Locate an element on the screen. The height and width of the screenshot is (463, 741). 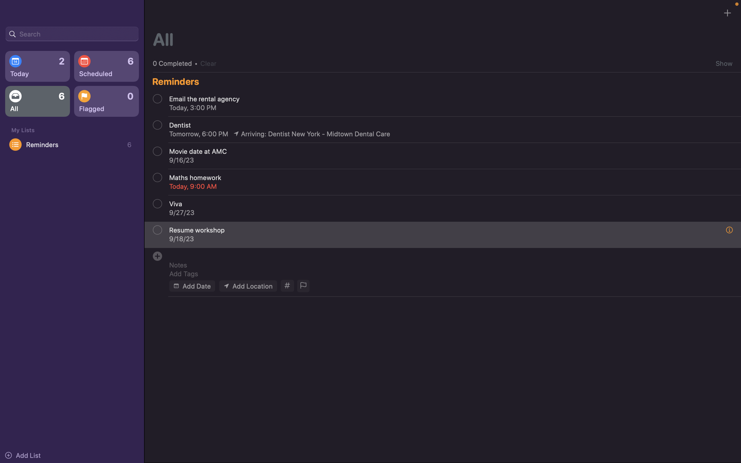
Flag this event as important is located at coordinates (303, 286).